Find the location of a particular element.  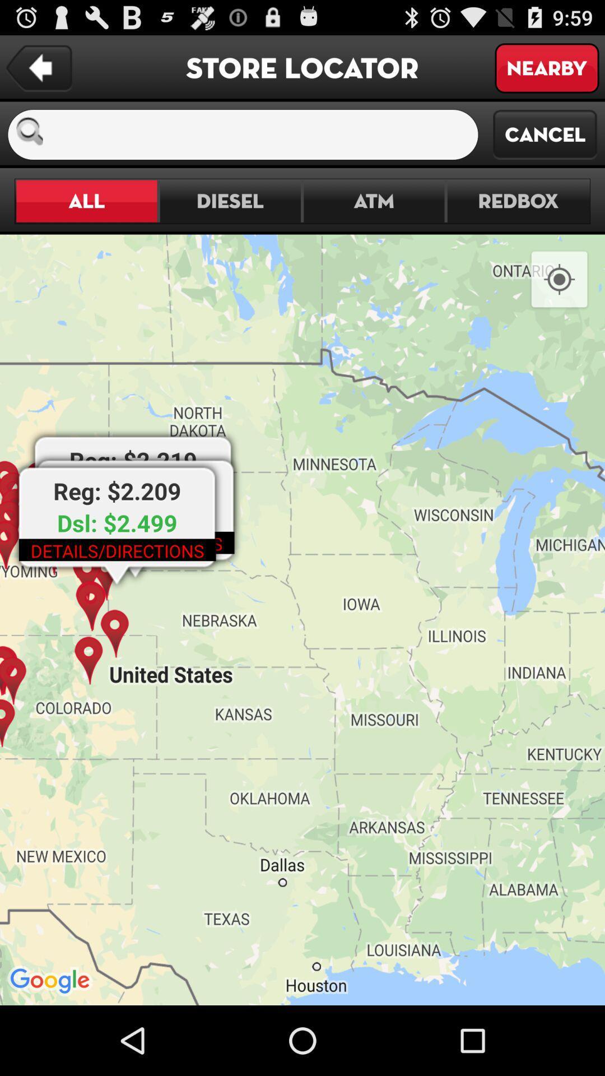

the cancel item is located at coordinates (544, 134).